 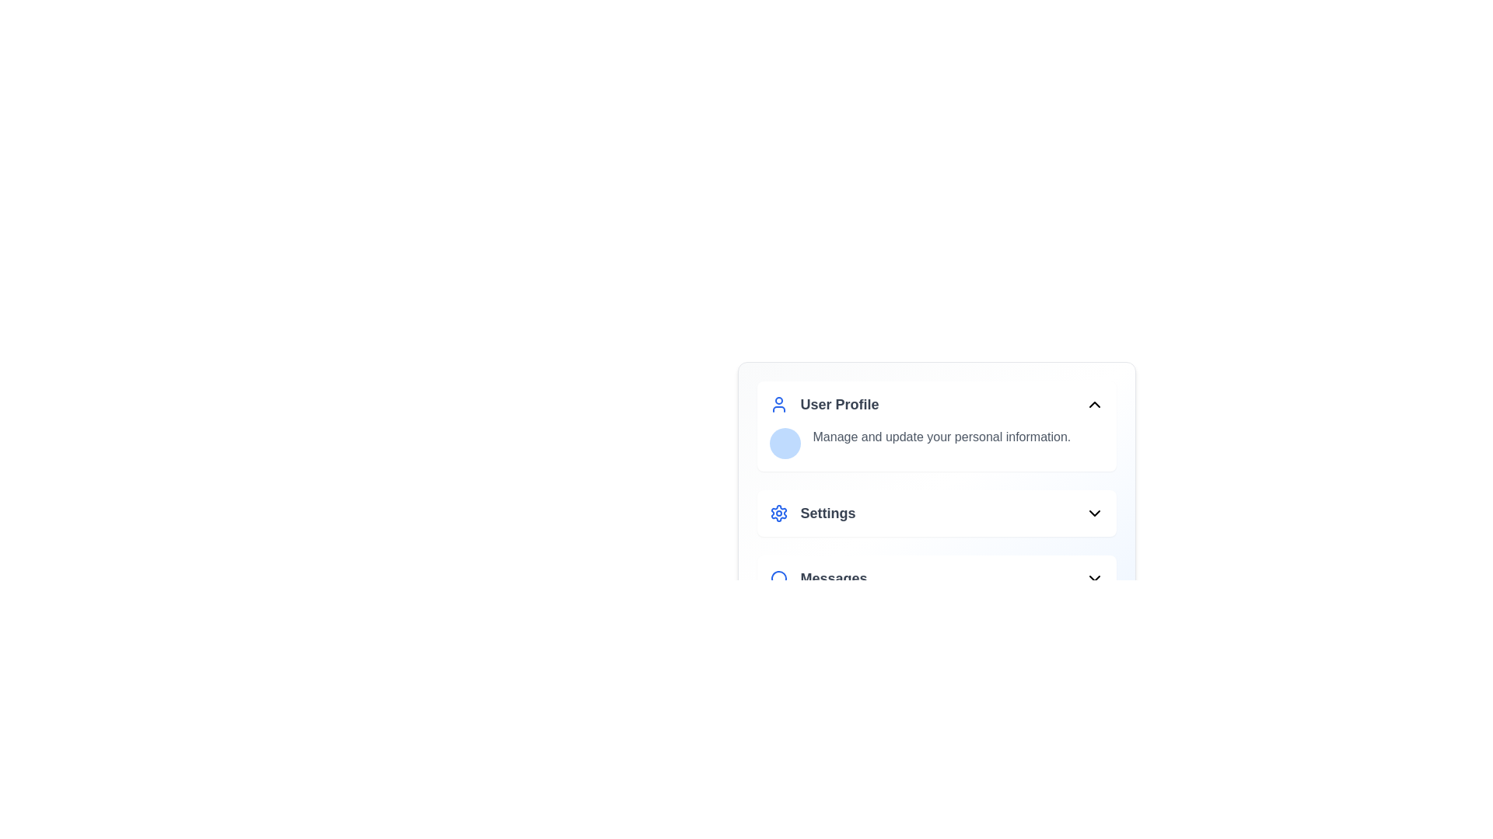 I want to click on the Interactive Section Header, so click(x=935, y=426).